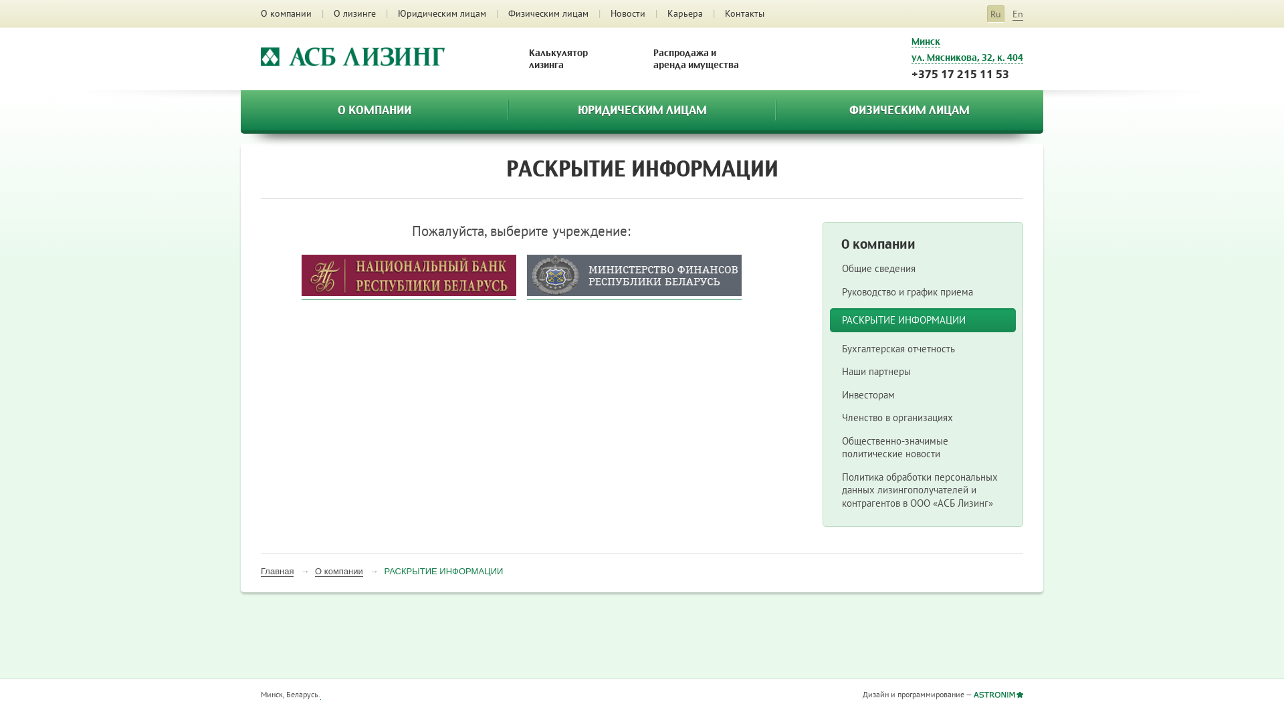 This screenshot has height=722, width=1284. What do you see at coordinates (987, 13) in the screenshot?
I see `'Ru'` at bounding box center [987, 13].